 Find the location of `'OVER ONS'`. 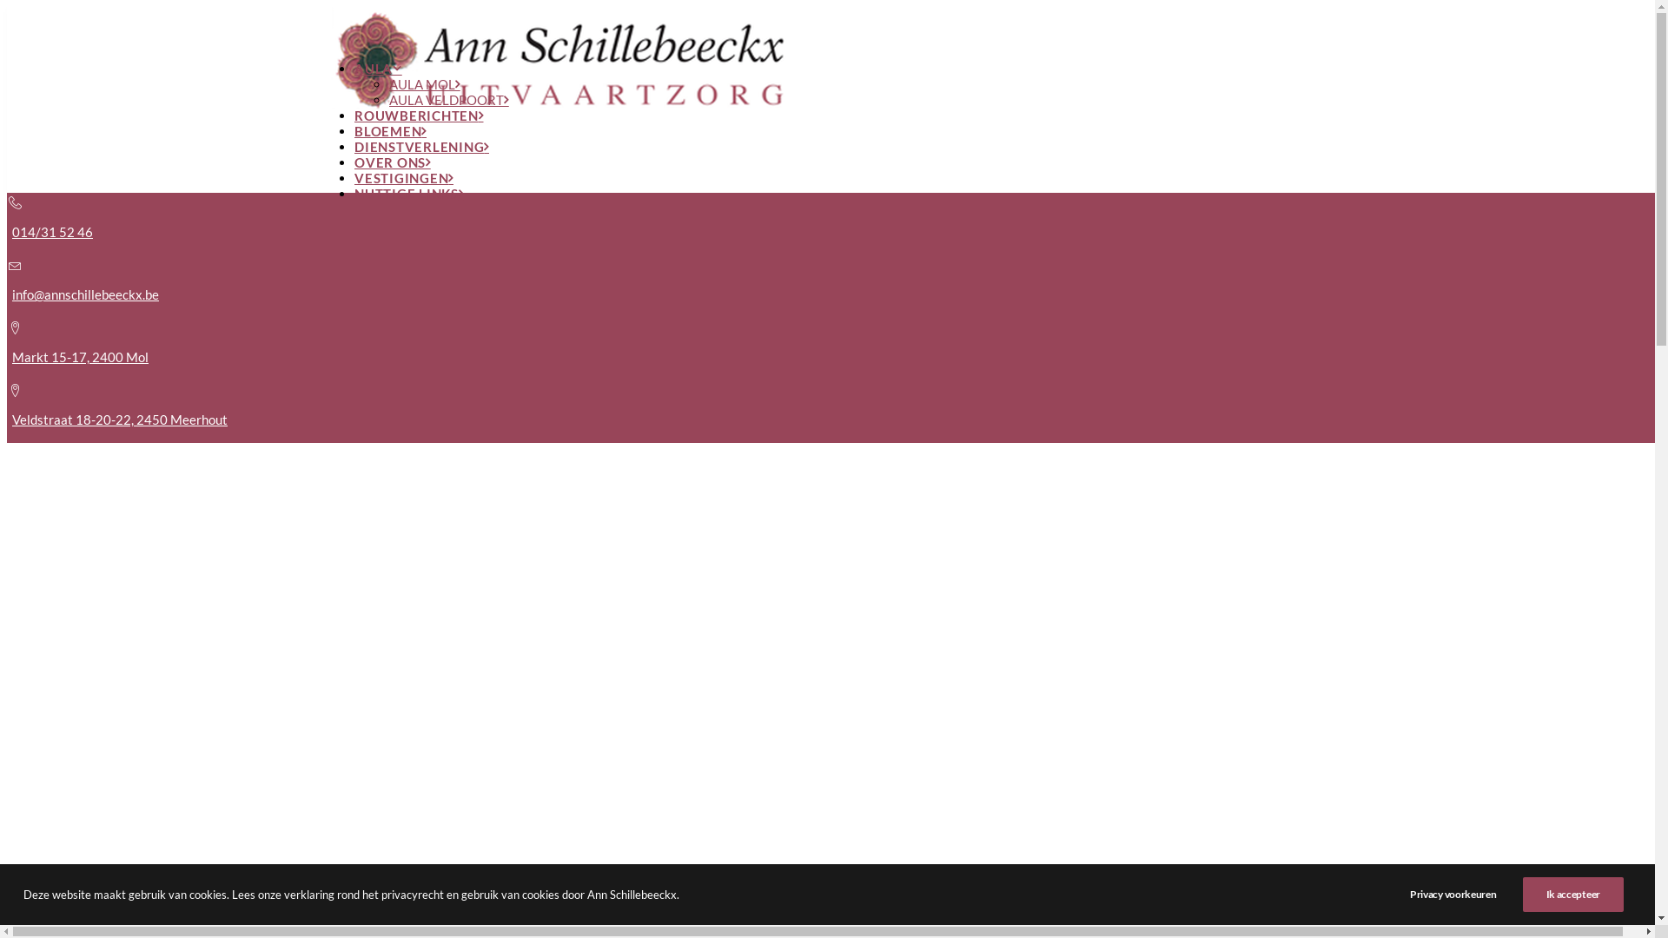

'OVER ONS' is located at coordinates (391, 162).